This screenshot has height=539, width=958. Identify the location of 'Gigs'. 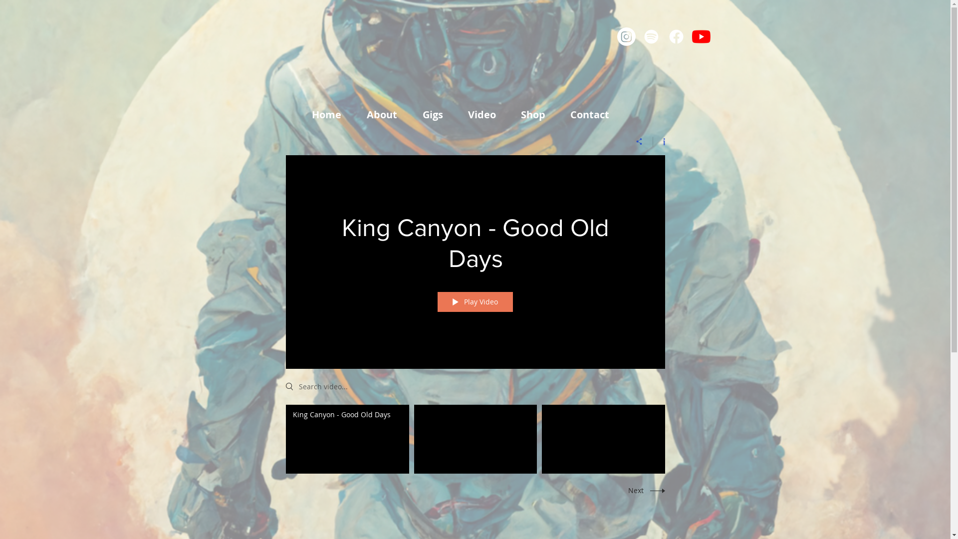
(438, 114).